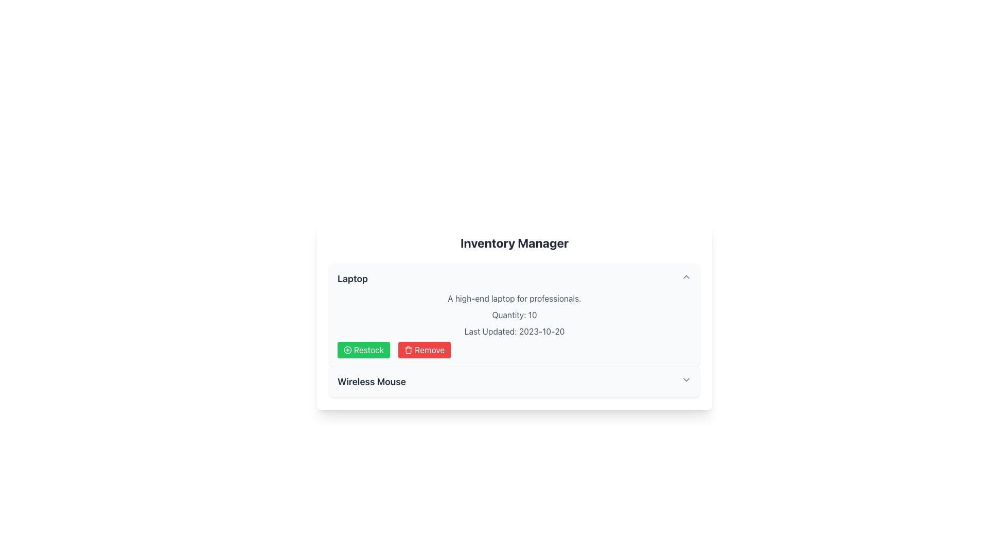 The height and width of the screenshot is (556, 988). What do you see at coordinates (514, 298) in the screenshot?
I see `the descriptive text element reading 'A high-end laptop for professionals.'` at bounding box center [514, 298].